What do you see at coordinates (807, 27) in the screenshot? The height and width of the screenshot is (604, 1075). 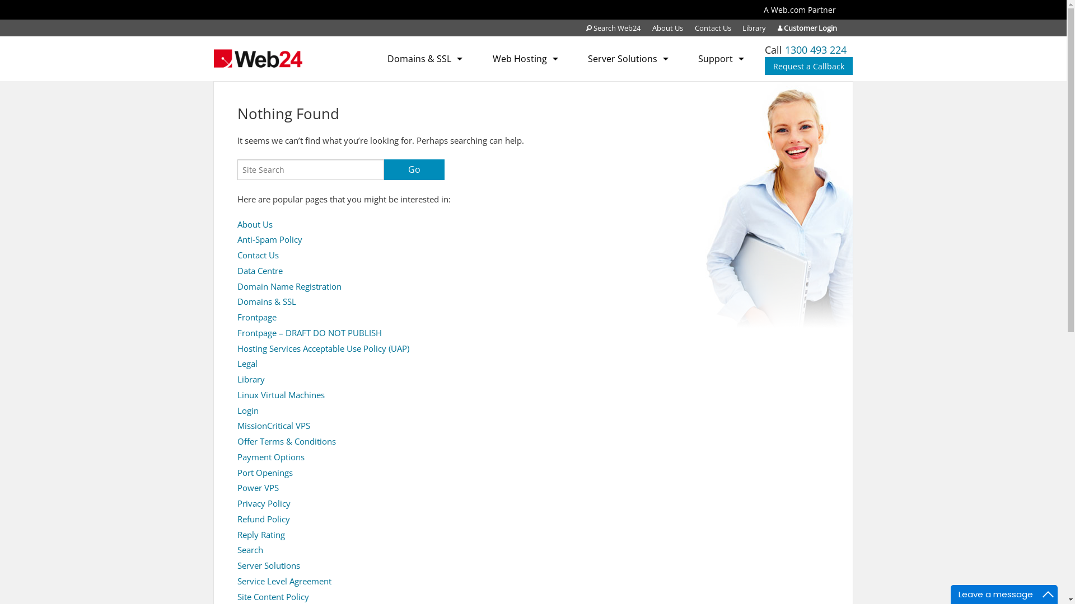 I see `'Customer Login'` at bounding box center [807, 27].